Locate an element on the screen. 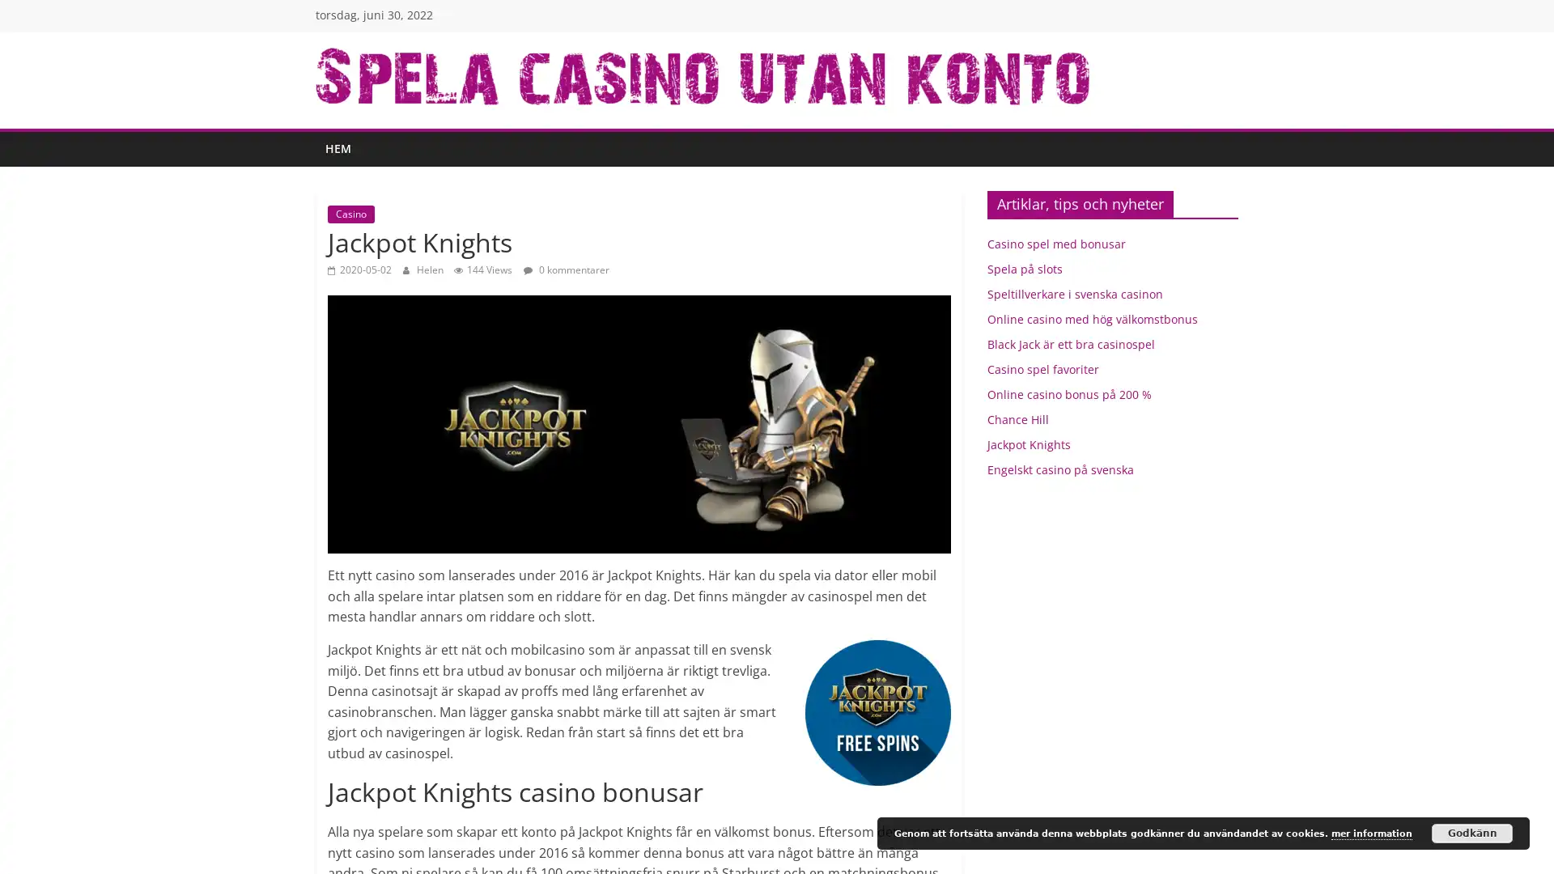 This screenshot has width=1554, height=874. Godkann is located at coordinates (1472, 833).